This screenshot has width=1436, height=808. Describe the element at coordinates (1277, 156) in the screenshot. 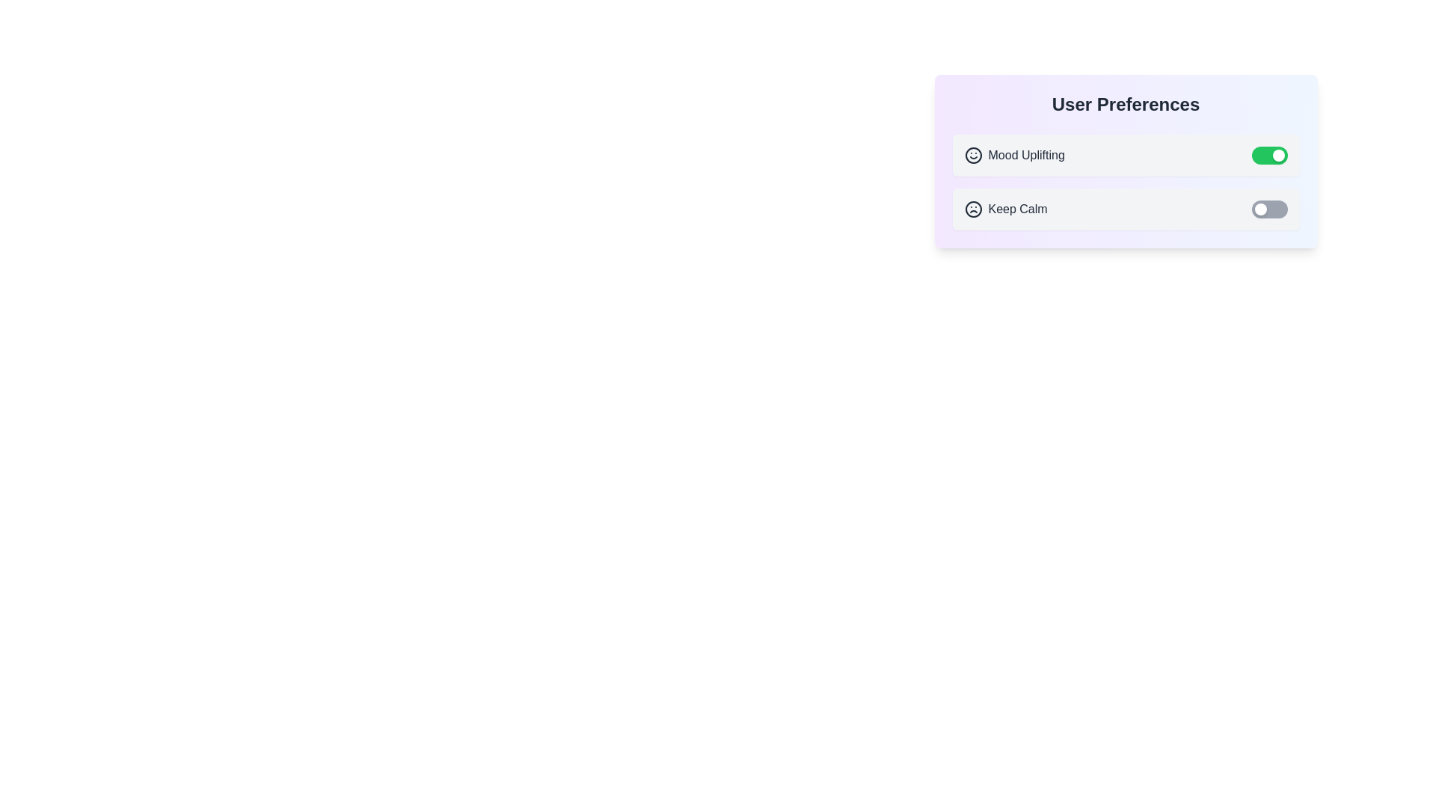

I see `the toggle handle located at the rightmost position of the switch component for the 'Mood Uplifting' preference` at that location.